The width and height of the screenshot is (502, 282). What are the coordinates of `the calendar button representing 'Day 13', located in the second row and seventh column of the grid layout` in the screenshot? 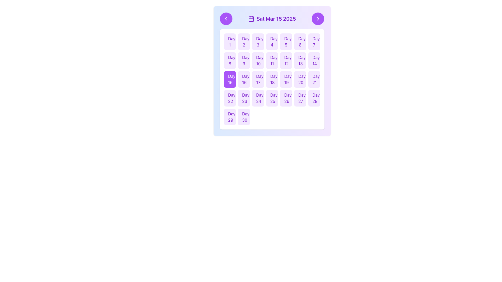 It's located at (300, 60).